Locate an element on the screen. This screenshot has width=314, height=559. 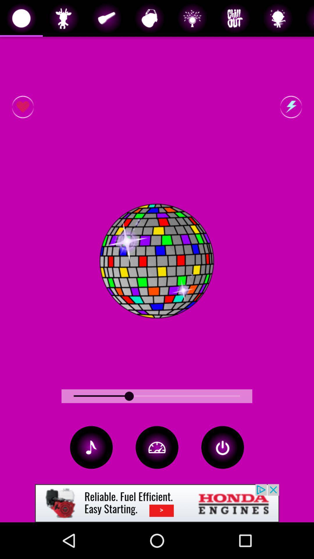
the music icon is located at coordinates (91, 447).